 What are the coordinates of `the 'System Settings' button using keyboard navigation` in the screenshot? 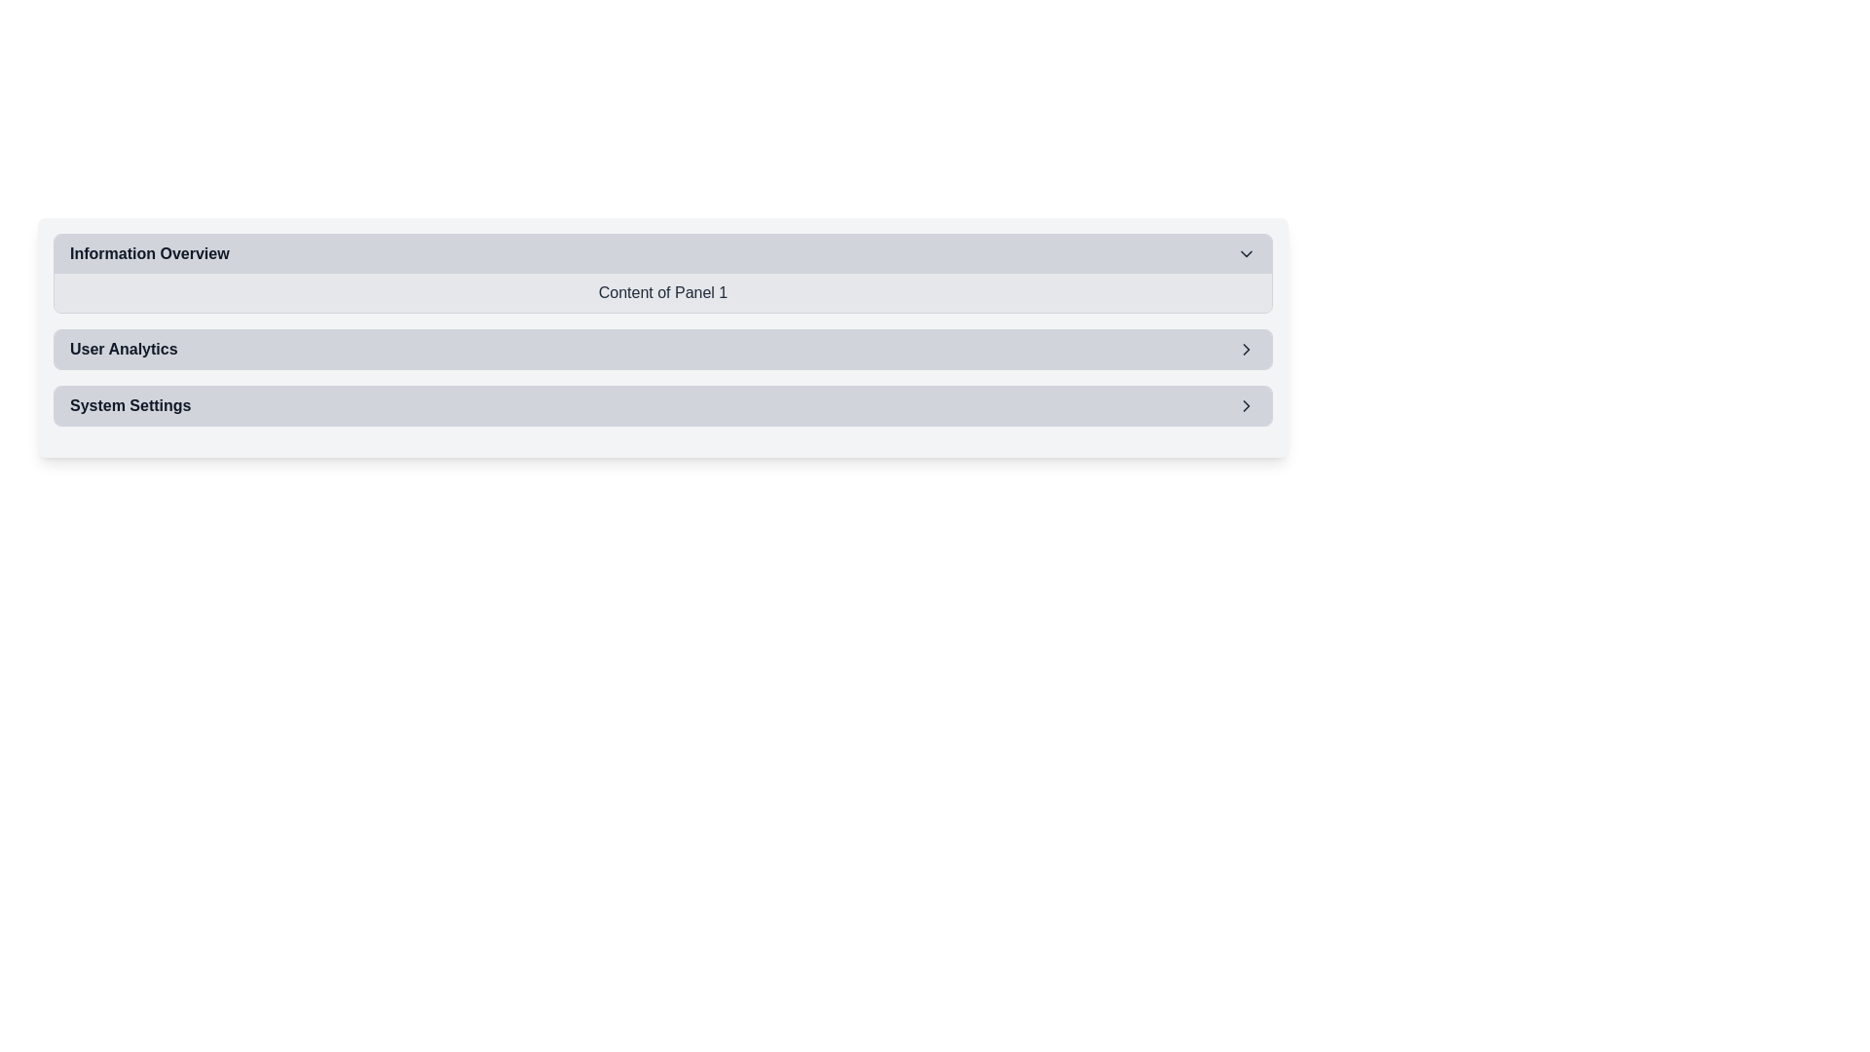 It's located at (663, 404).